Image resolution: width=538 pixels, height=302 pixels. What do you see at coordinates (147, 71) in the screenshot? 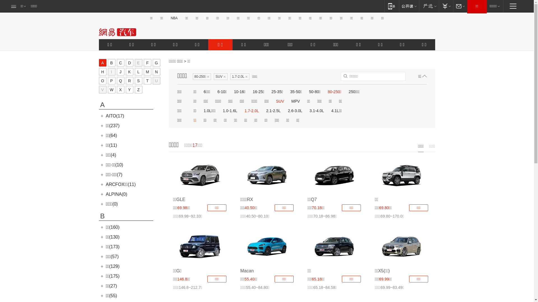
I see `'M'` at bounding box center [147, 71].